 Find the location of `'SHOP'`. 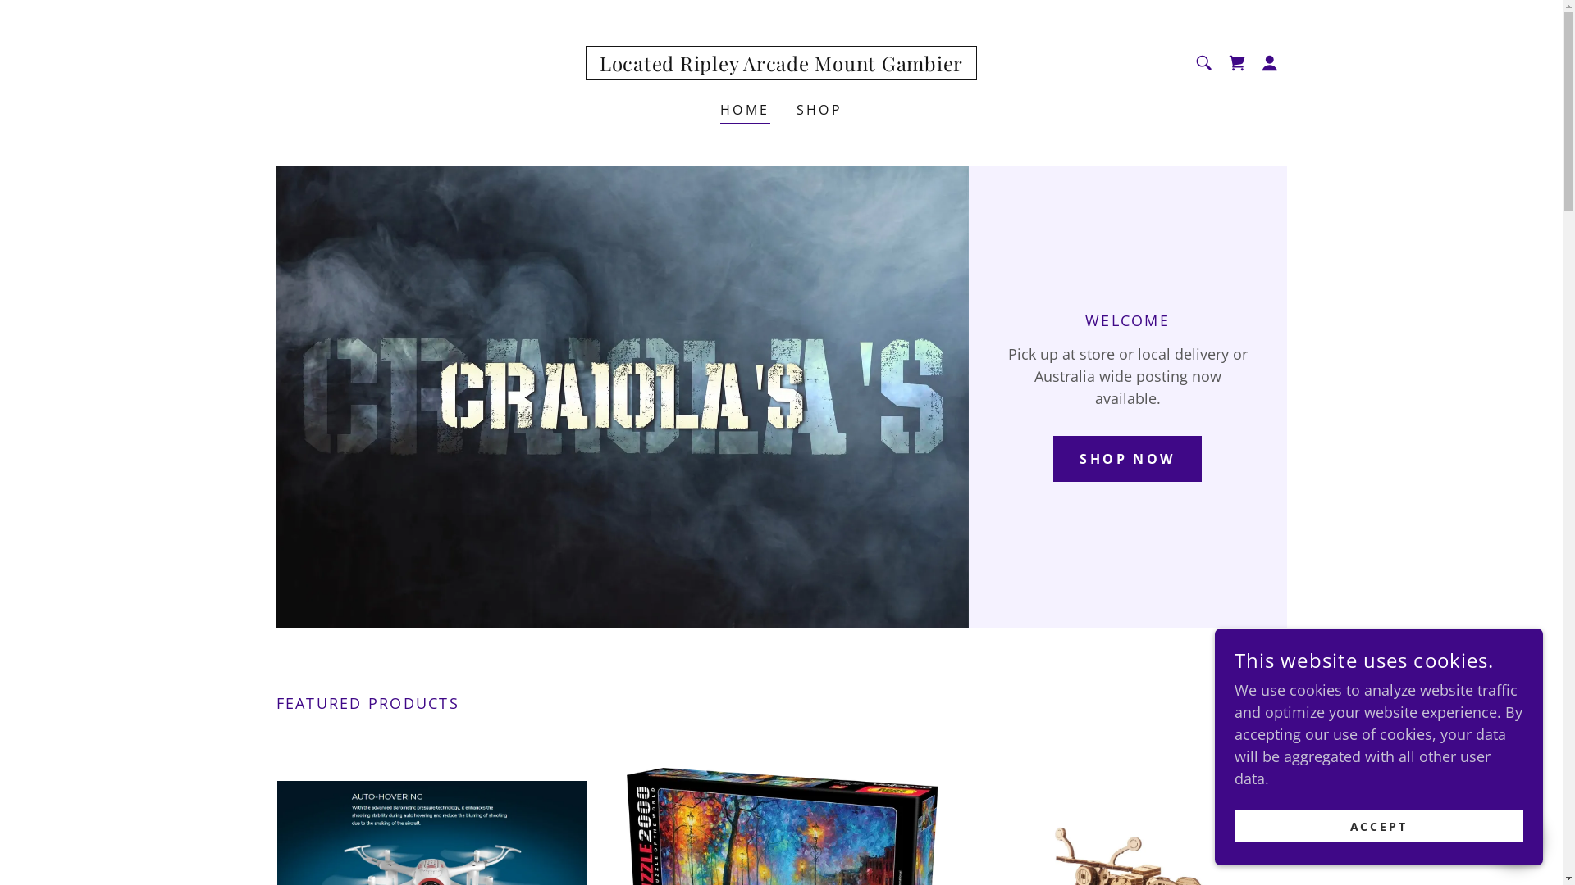

'SHOP' is located at coordinates (819, 110).